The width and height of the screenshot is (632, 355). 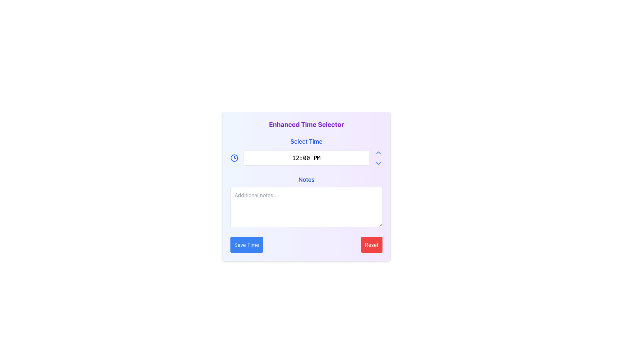 What do you see at coordinates (306, 158) in the screenshot?
I see `the non-editable text input field displaying '12:00 PM' in the 'Select Time' section to focus` at bounding box center [306, 158].